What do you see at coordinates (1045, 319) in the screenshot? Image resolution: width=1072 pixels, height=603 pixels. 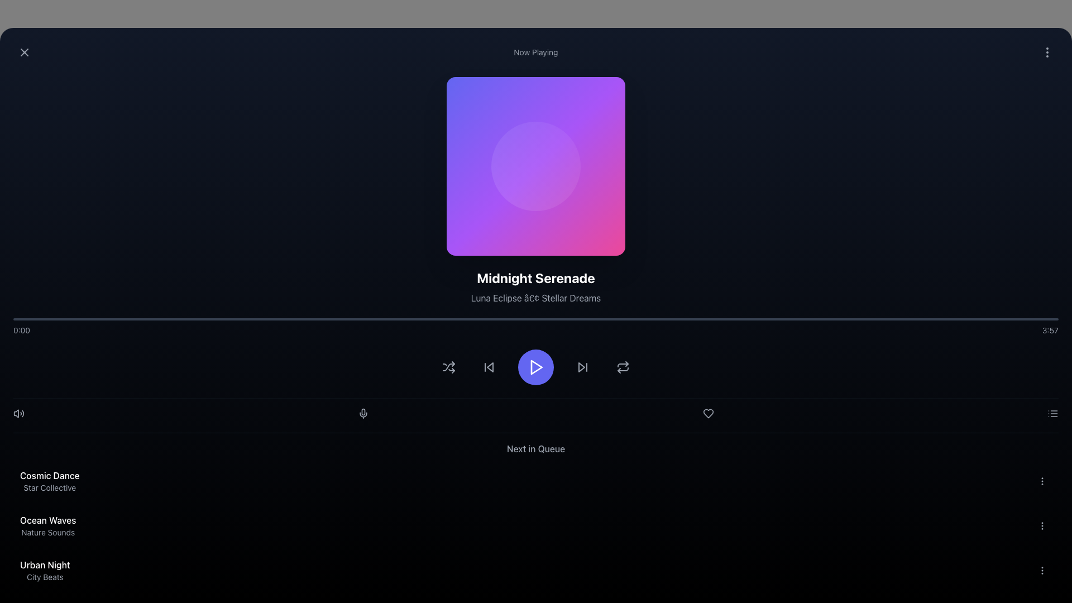 I see `playback` at bounding box center [1045, 319].